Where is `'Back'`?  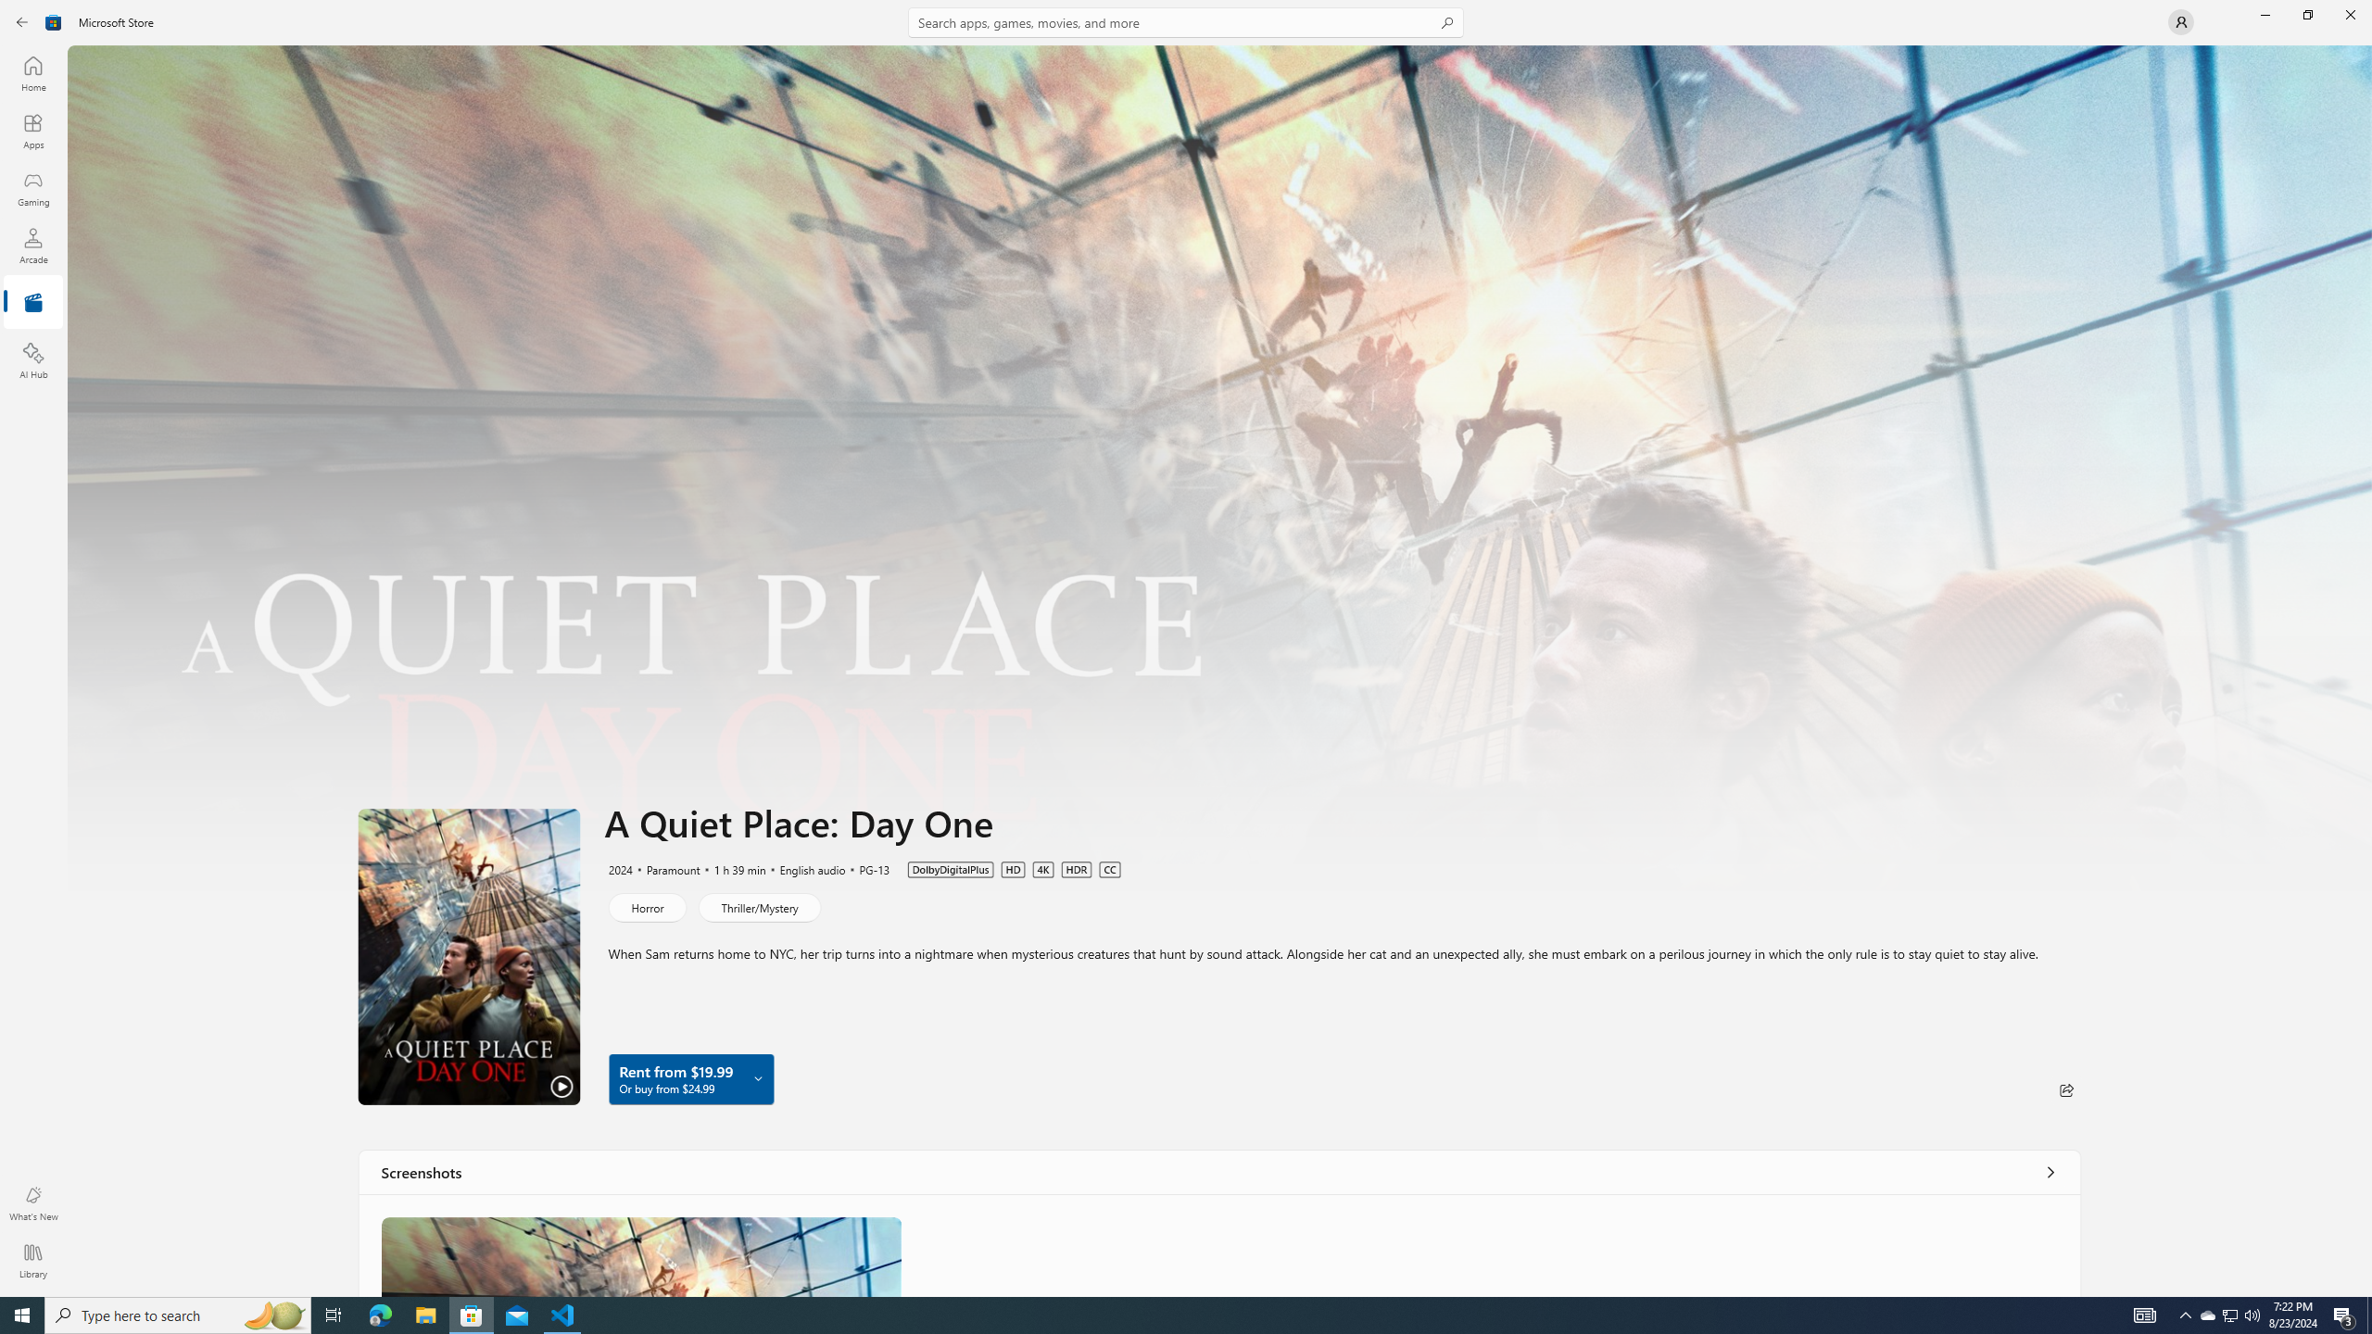
'Back' is located at coordinates (22, 20).